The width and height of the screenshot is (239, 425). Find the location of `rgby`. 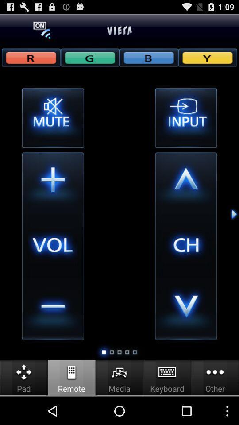

rgby is located at coordinates (208, 57).